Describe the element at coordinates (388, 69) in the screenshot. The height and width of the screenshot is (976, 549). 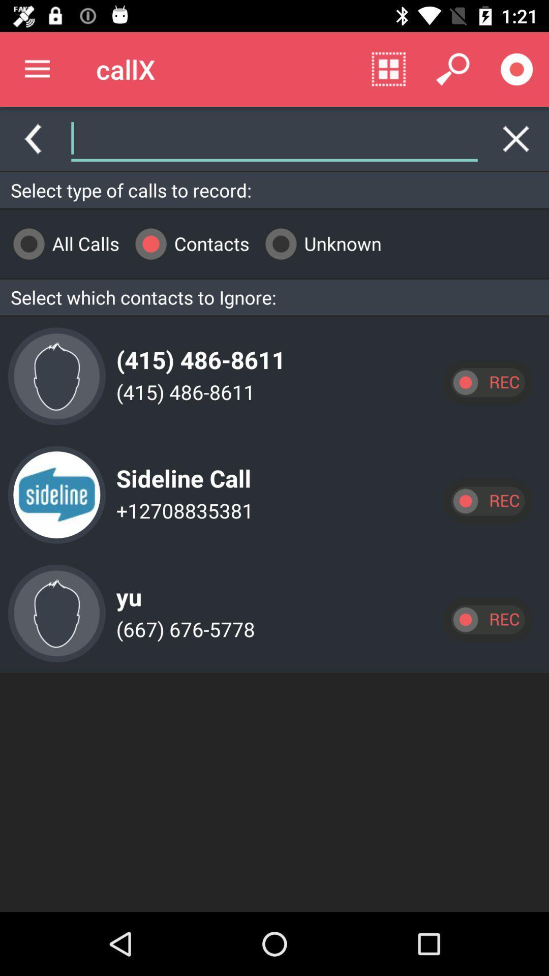
I see `item to the right of the favorites app` at that location.